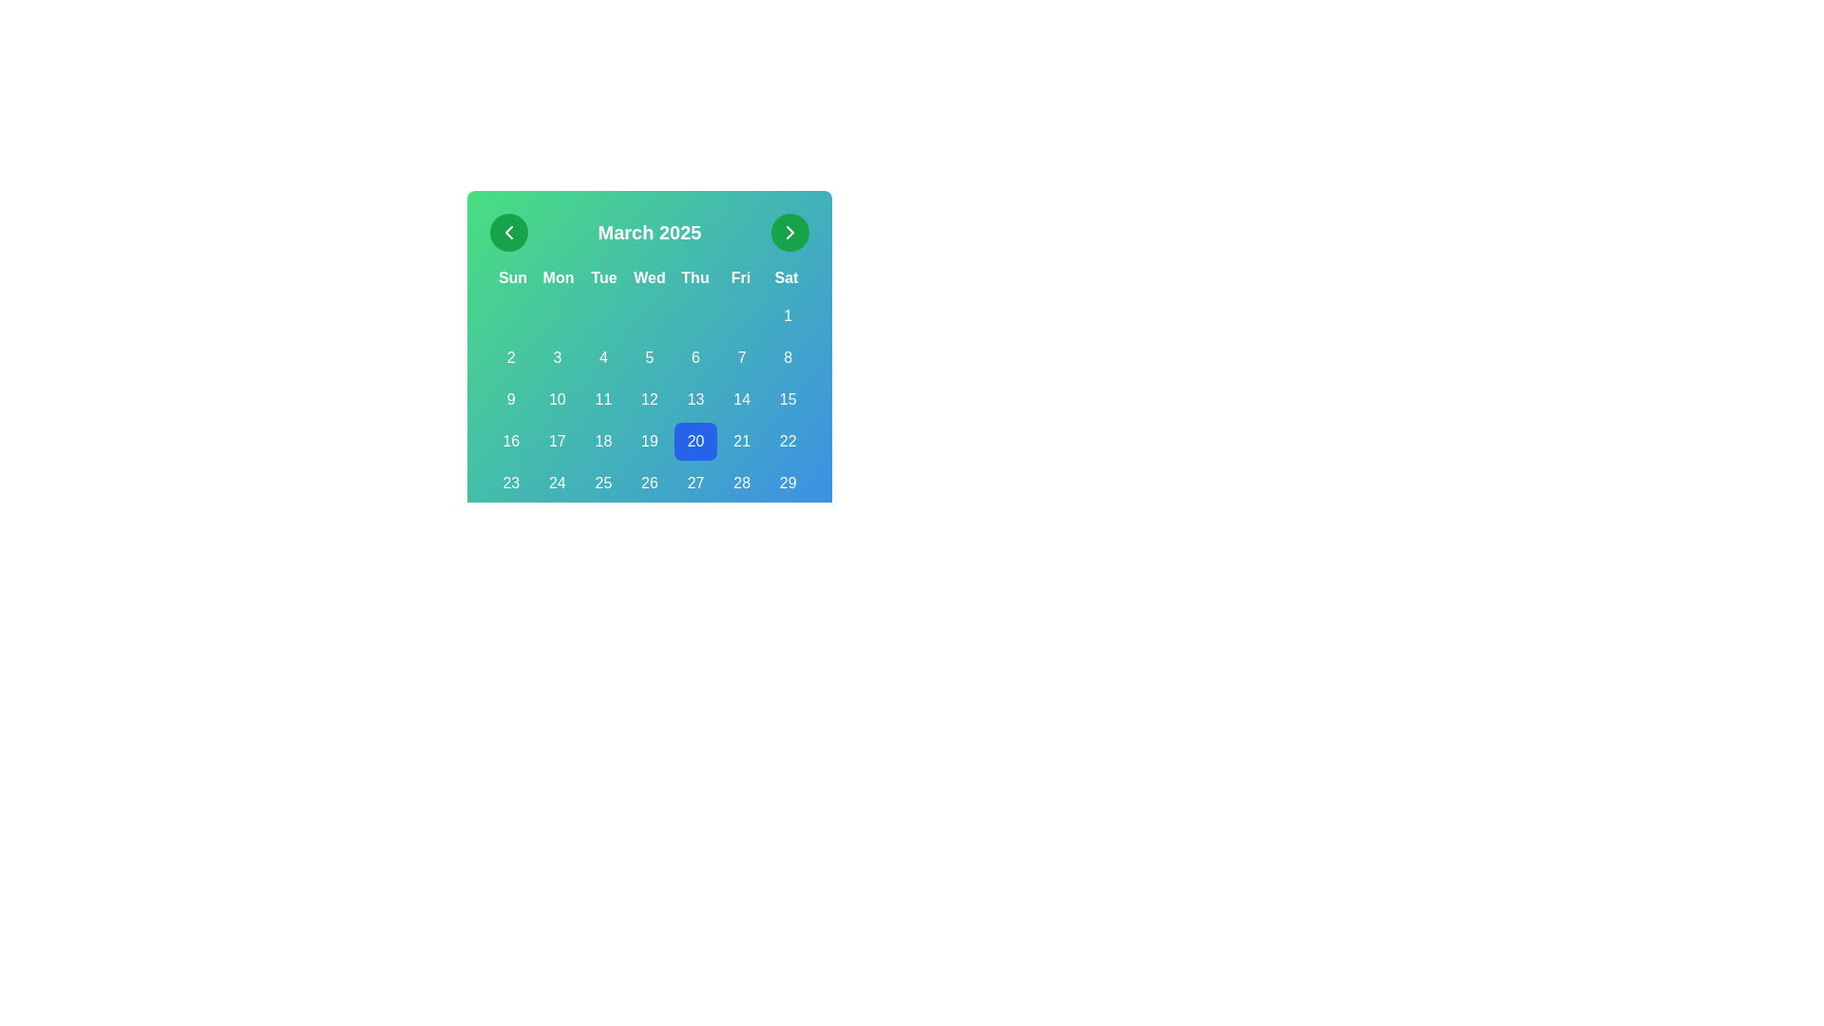 The image size is (1824, 1026). I want to click on the calendar button representing the date '17' in the March 2025 calendar, so click(556, 442).